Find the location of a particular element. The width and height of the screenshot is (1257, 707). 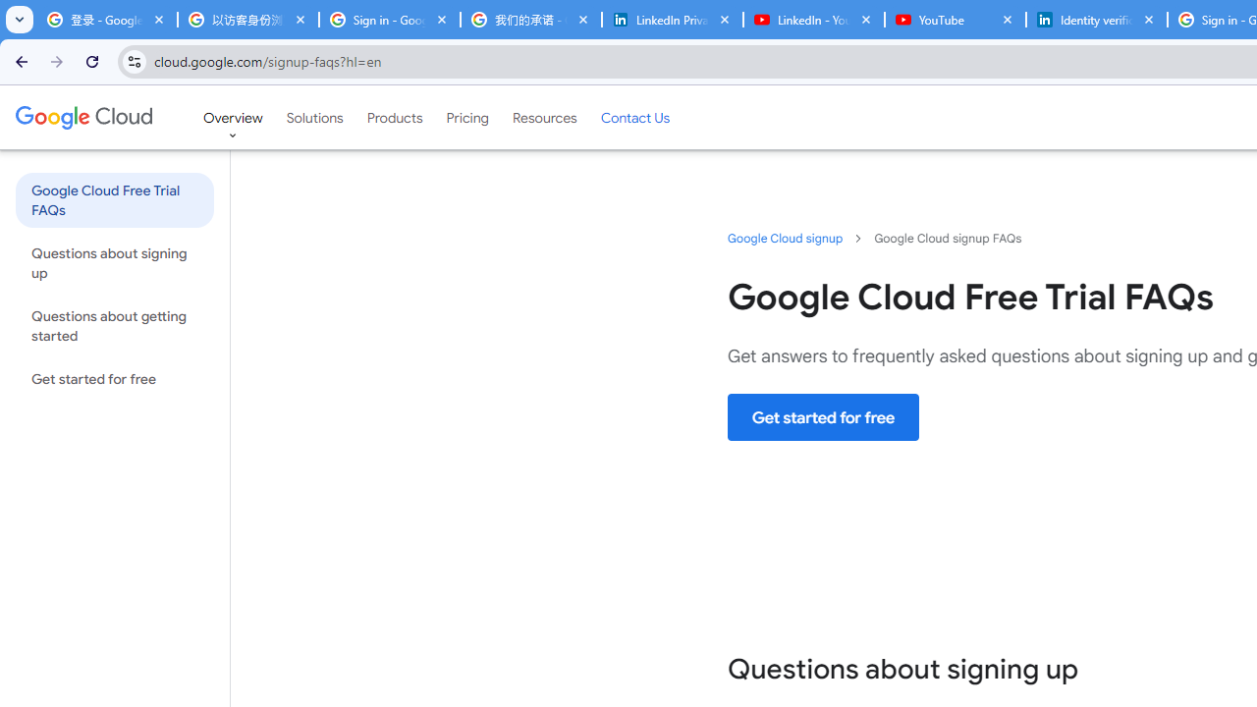

'YouTube' is located at coordinates (955, 20).